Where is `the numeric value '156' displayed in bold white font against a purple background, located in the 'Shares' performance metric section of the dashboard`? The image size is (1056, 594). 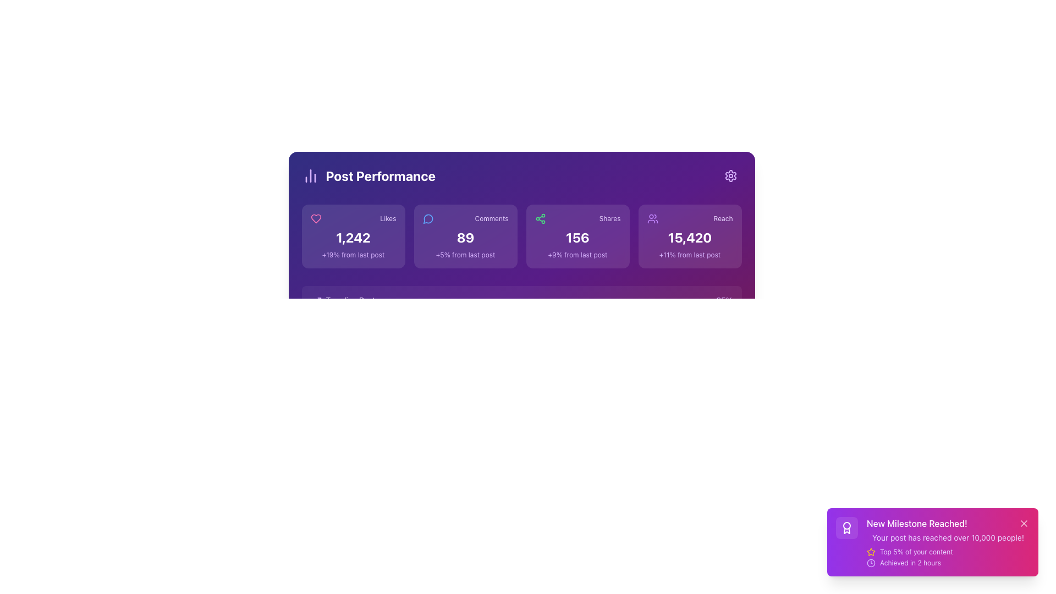
the numeric value '156' displayed in bold white font against a purple background, located in the 'Shares' performance metric section of the dashboard is located at coordinates (577, 237).